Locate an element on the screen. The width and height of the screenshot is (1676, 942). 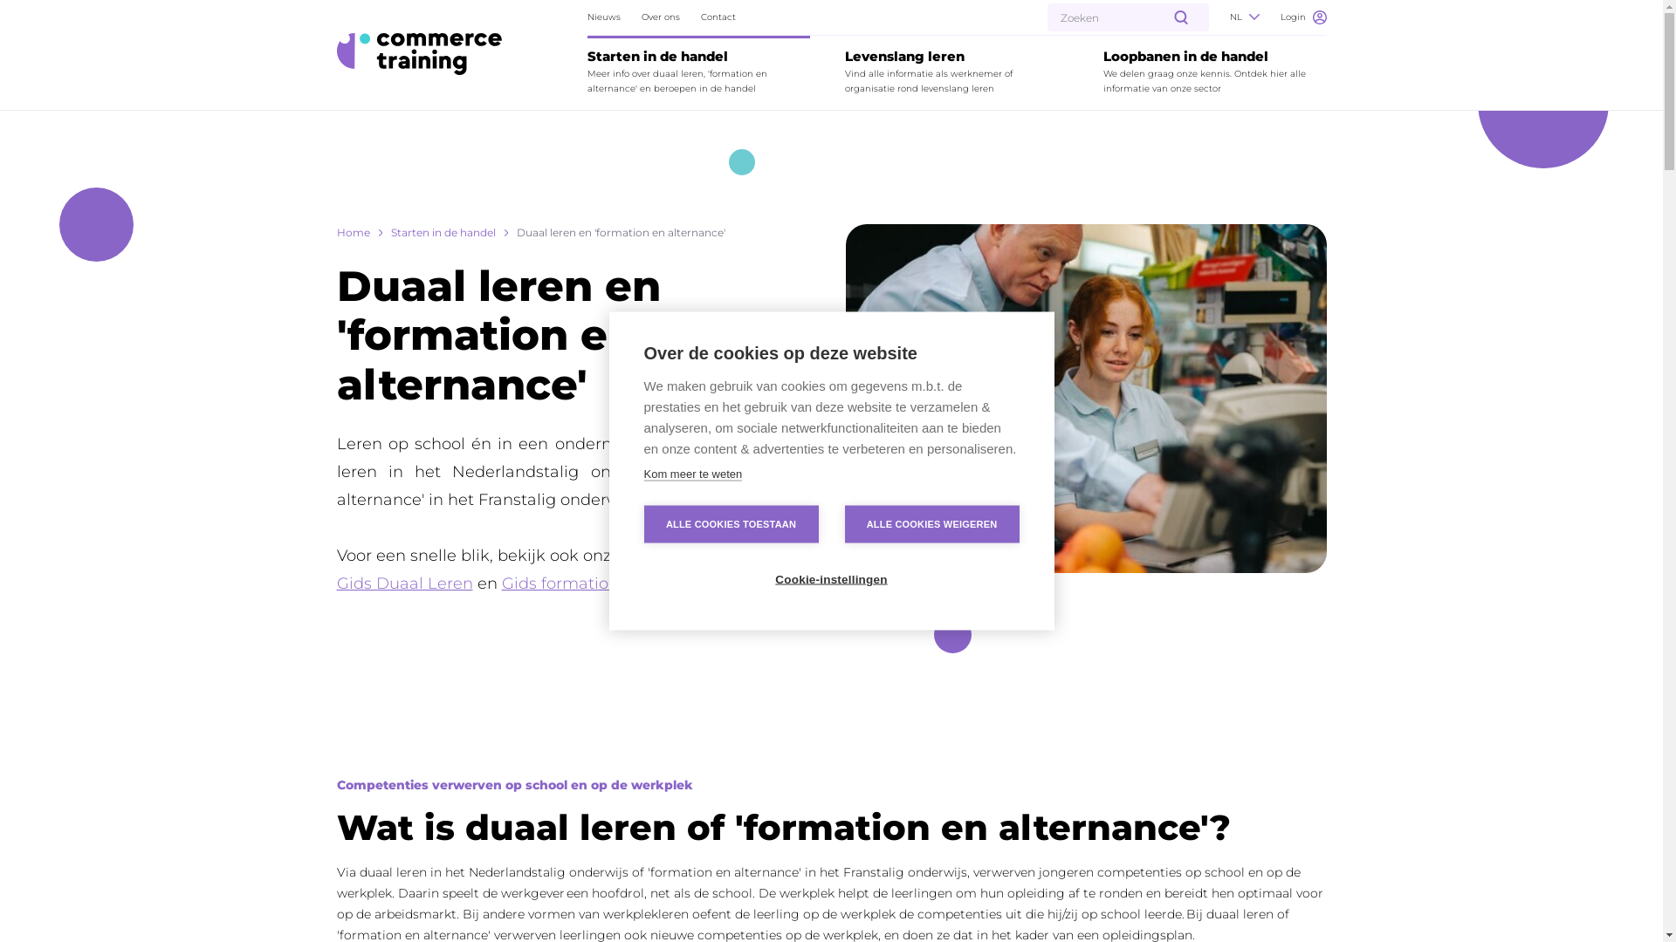
'Cookie-instellingen' is located at coordinates (829, 578).